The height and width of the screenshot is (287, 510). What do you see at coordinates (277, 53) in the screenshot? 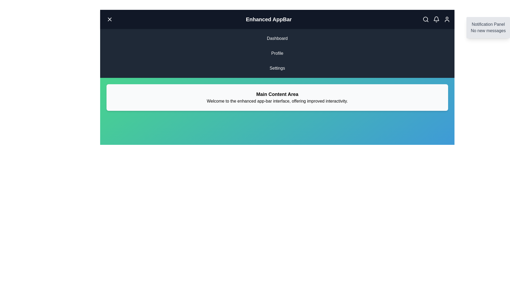
I see `the menu item corresponding to Profile to navigate` at bounding box center [277, 53].